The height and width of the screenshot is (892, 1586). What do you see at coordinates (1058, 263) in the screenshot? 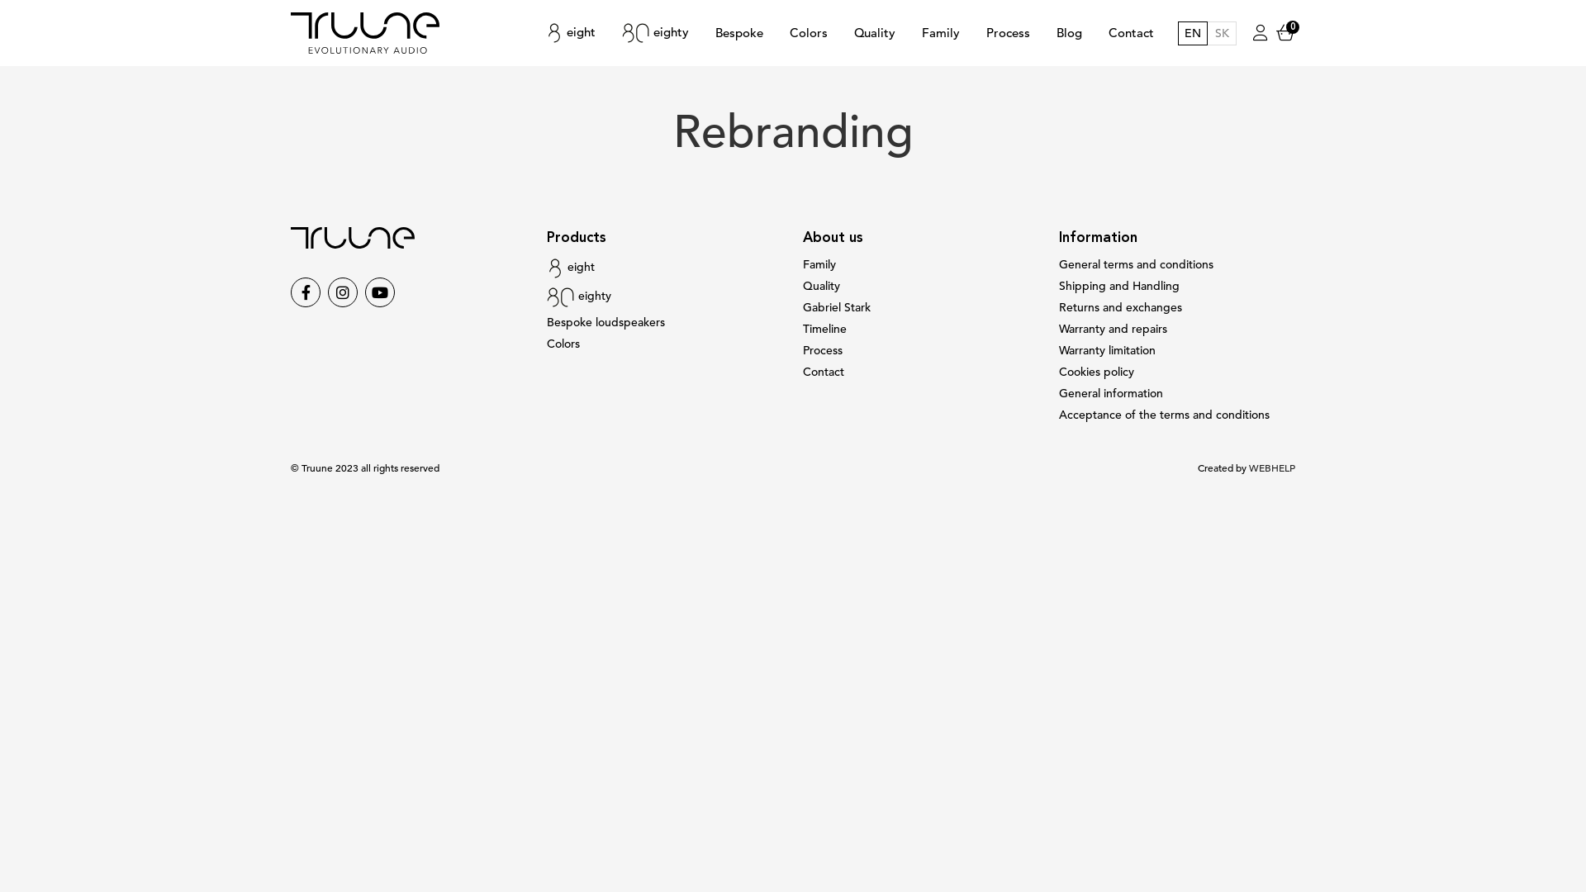
I see `'General terms and conditions'` at bounding box center [1058, 263].